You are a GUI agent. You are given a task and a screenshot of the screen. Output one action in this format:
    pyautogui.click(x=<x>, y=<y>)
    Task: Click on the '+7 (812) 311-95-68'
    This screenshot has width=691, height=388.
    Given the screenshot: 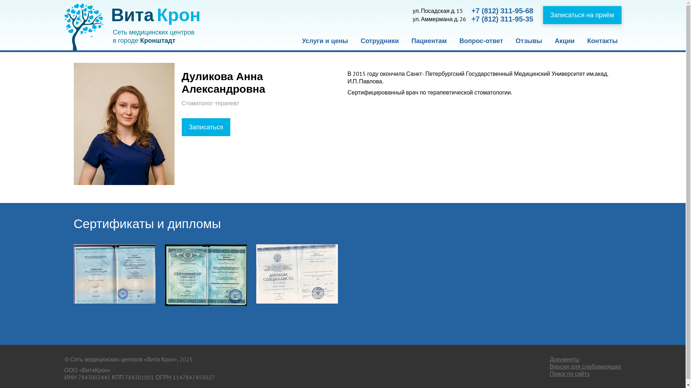 What is the action you would take?
    pyautogui.click(x=502, y=11)
    